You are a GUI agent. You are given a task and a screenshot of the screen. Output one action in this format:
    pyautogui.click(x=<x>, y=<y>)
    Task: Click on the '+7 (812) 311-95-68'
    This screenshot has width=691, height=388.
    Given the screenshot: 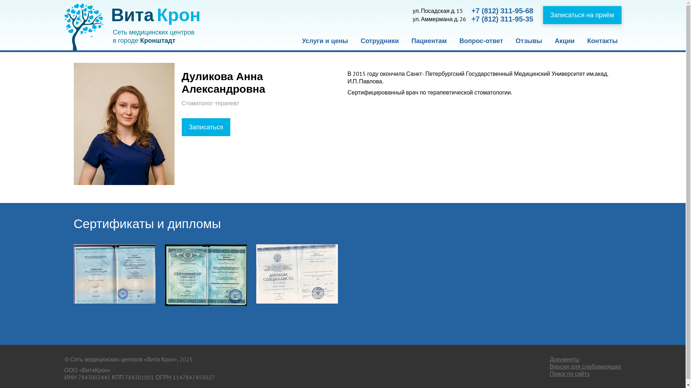 What is the action you would take?
    pyautogui.click(x=502, y=11)
    